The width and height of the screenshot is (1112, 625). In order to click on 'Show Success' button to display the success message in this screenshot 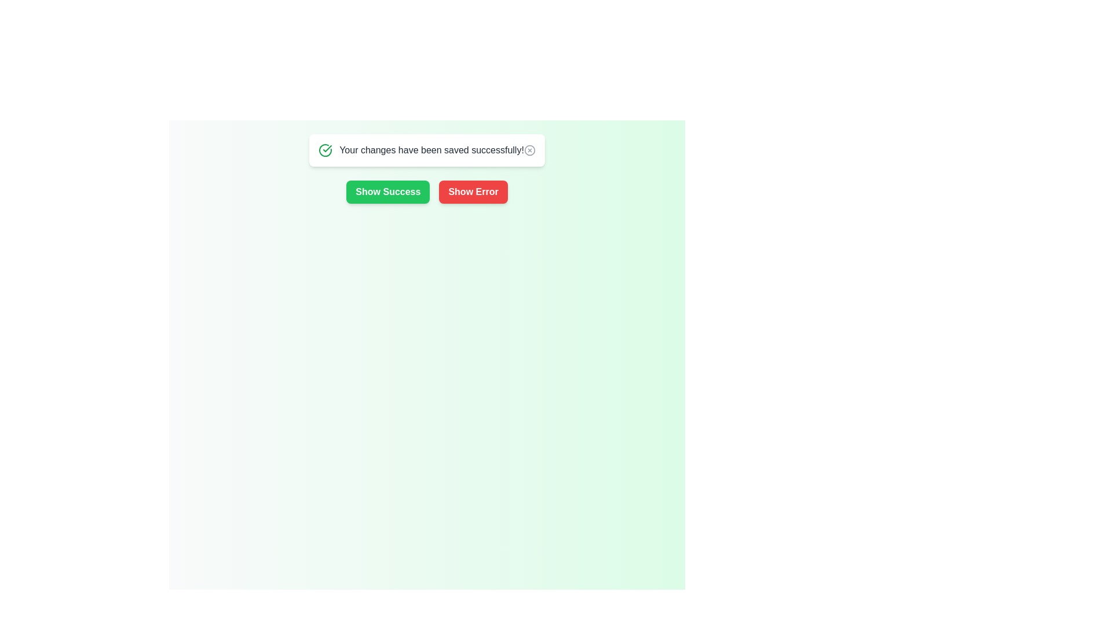, I will do `click(388, 191)`.